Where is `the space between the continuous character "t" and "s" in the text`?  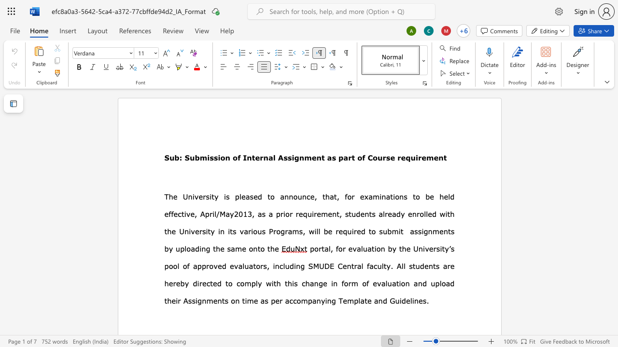
the space between the continuous character "t" and "s" in the text is located at coordinates (450, 231).